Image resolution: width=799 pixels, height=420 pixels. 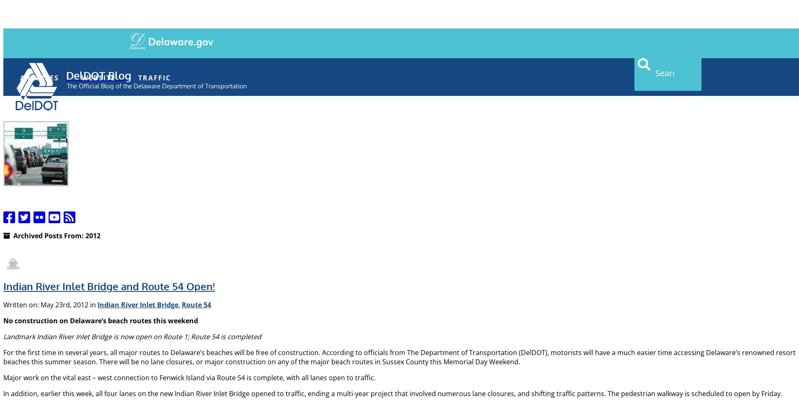 I want to click on 'Contact', so click(x=296, y=62).